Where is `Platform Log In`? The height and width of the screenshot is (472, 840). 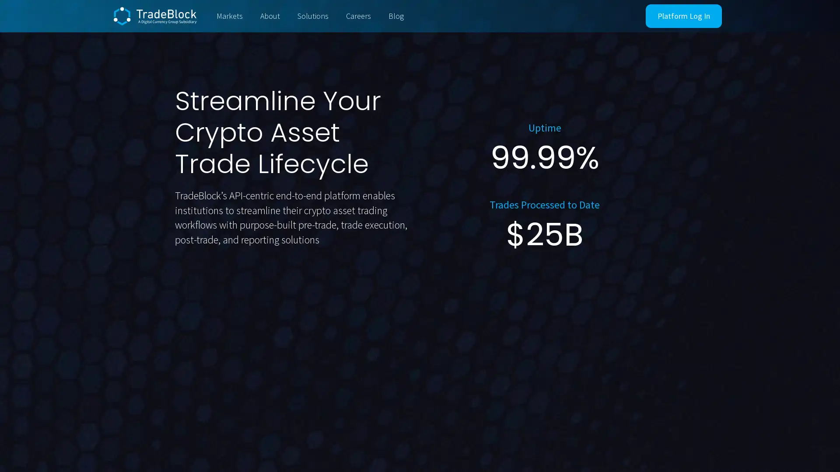
Platform Log In is located at coordinates (683, 16).